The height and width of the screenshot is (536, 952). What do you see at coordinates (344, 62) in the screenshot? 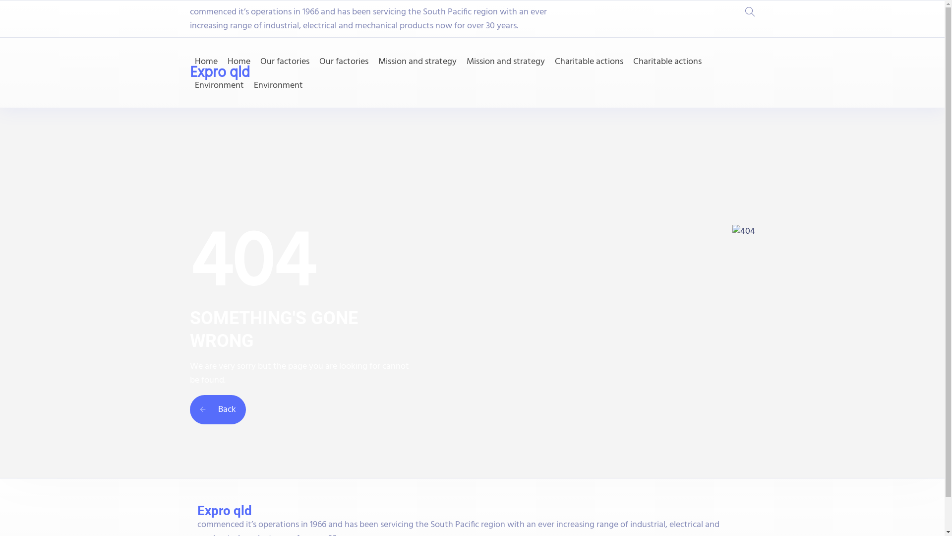
I see `'Our factories'` at bounding box center [344, 62].